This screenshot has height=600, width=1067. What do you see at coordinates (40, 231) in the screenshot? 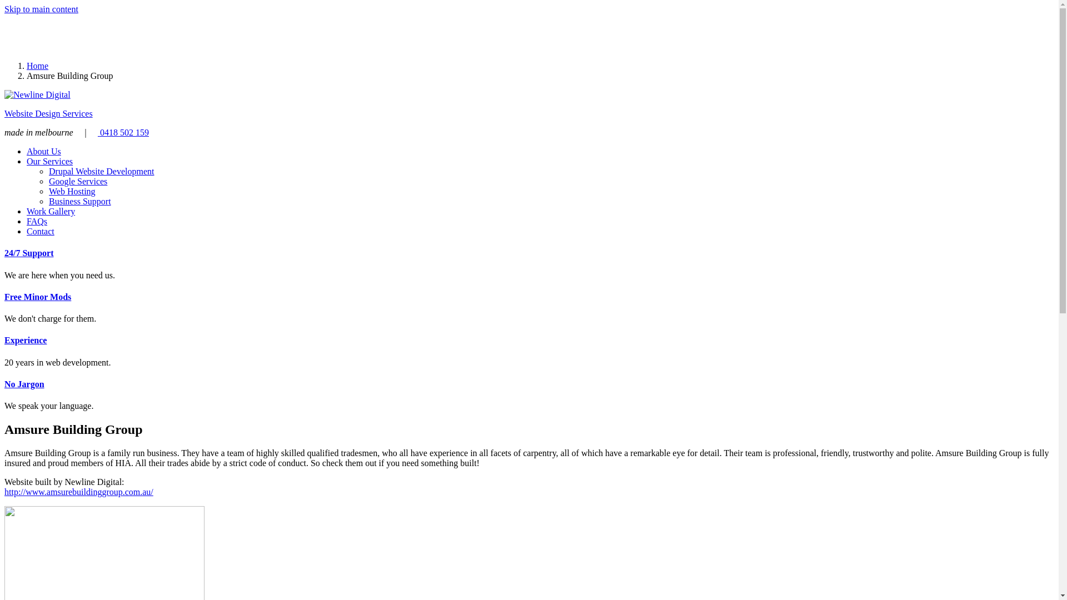
I see `'Contact'` at bounding box center [40, 231].